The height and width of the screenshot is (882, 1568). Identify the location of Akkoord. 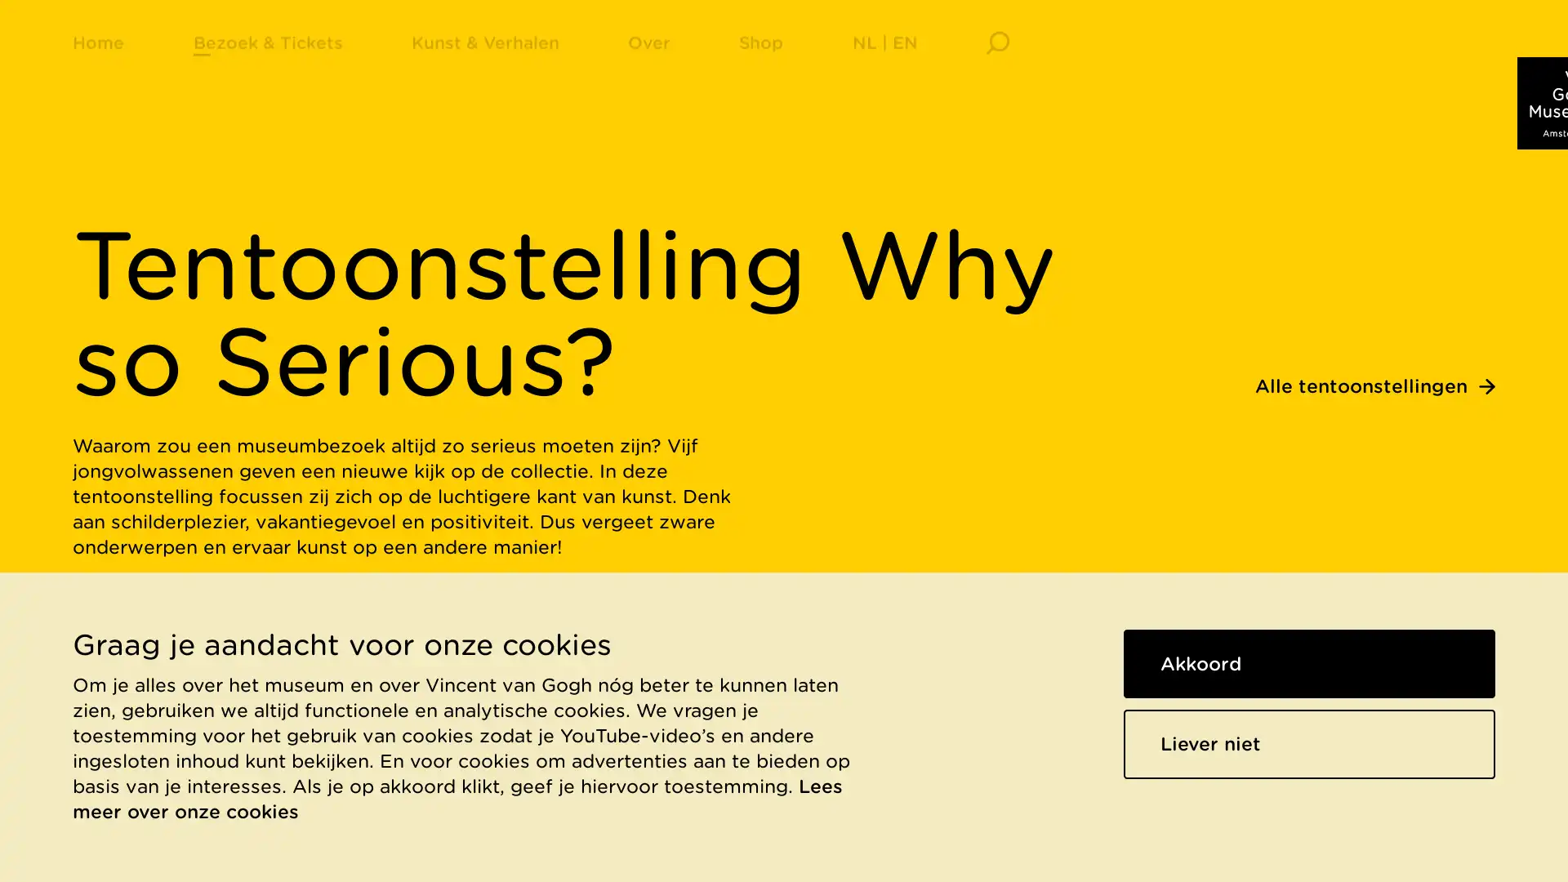
(1309, 663).